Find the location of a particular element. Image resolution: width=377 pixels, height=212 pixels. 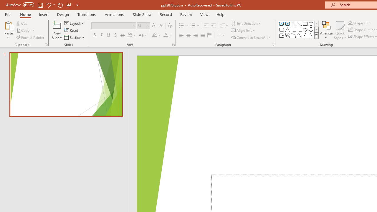

'Freeform: Scribble' is located at coordinates (287, 35).